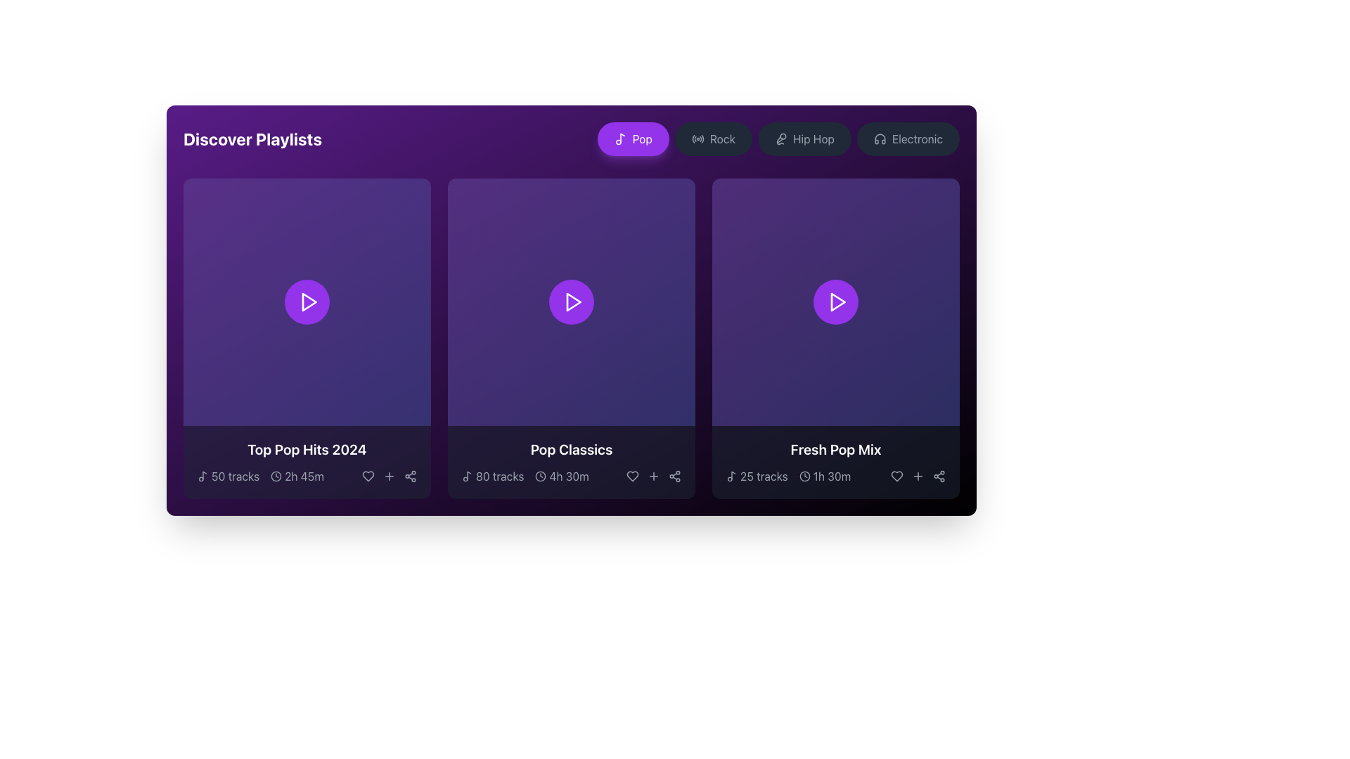 The height and width of the screenshot is (759, 1350). I want to click on information displayed in the text information display located beneath the title of the 'Pop Classics' card, positioned between the music note and clock icons, so click(571, 476).